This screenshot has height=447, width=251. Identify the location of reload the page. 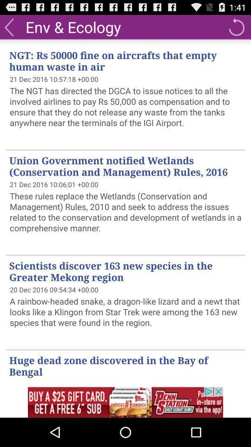
(236, 26).